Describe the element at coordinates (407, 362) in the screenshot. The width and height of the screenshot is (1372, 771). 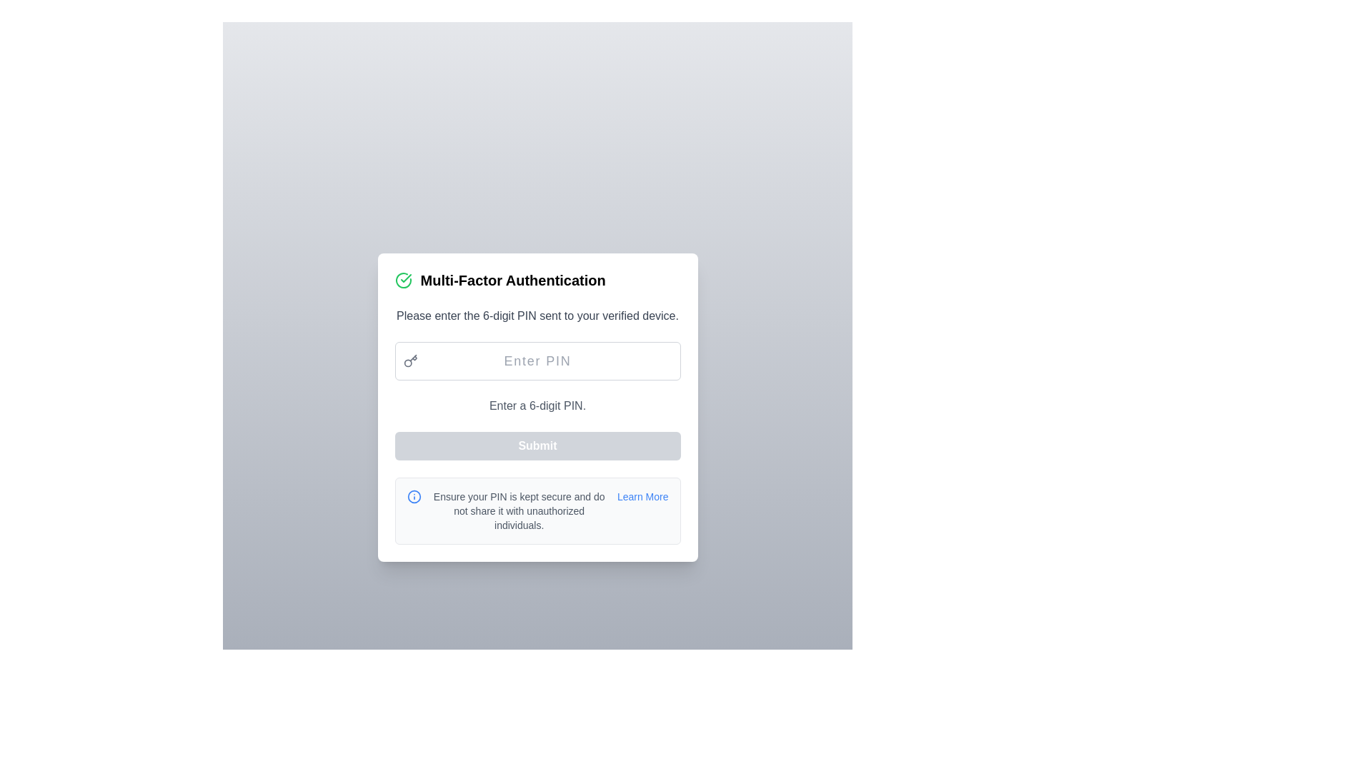
I see `the decorative SVG circle component that is part of the key icon located to the left of the 'Enter PIN' input field in the multi-factor authentication interface` at that location.